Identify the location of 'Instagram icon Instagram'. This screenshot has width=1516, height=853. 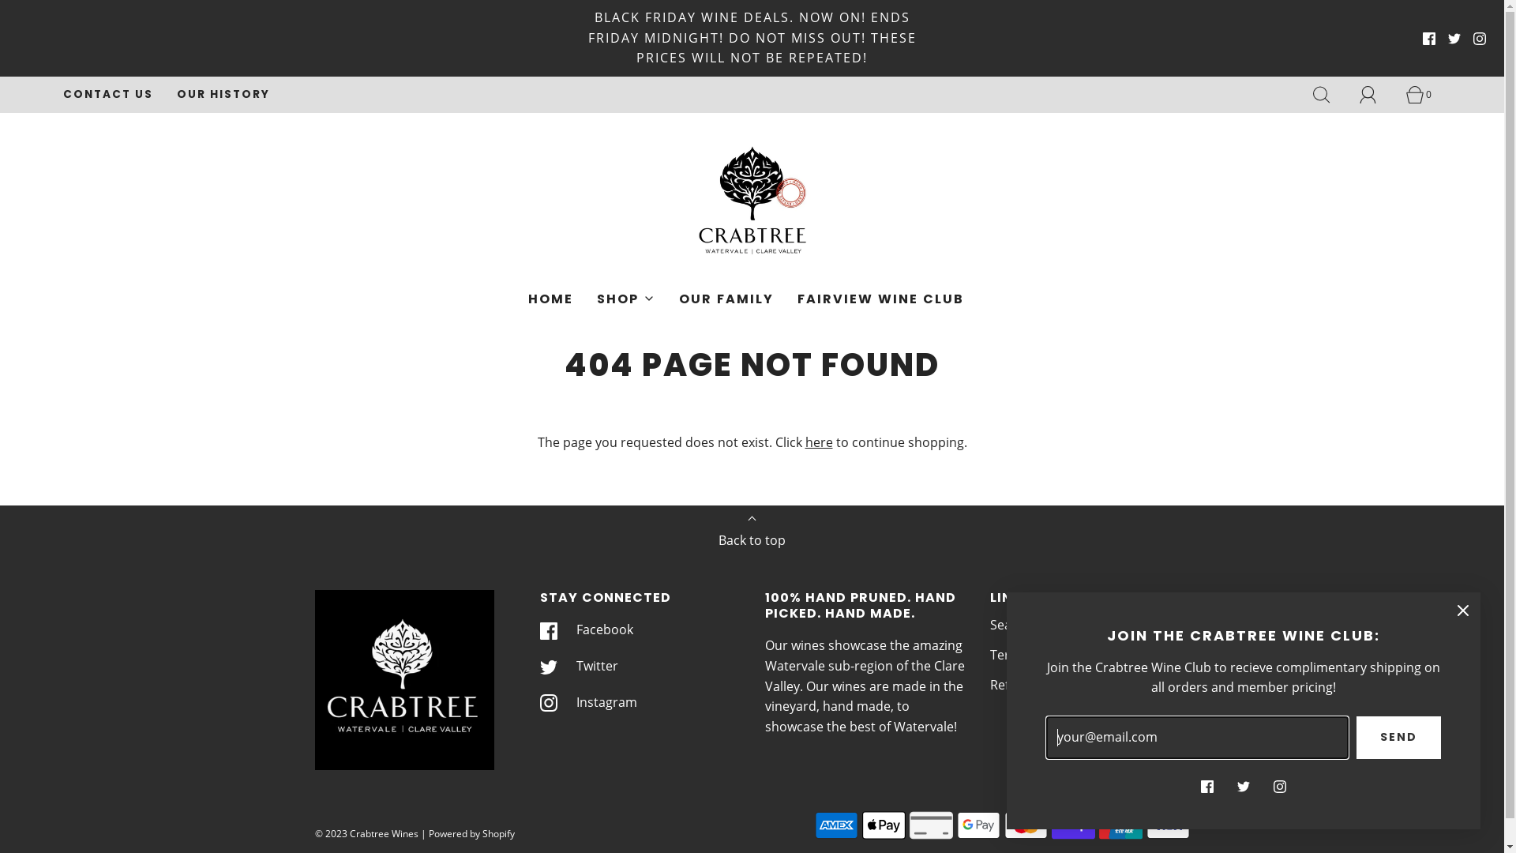
(587, 701).